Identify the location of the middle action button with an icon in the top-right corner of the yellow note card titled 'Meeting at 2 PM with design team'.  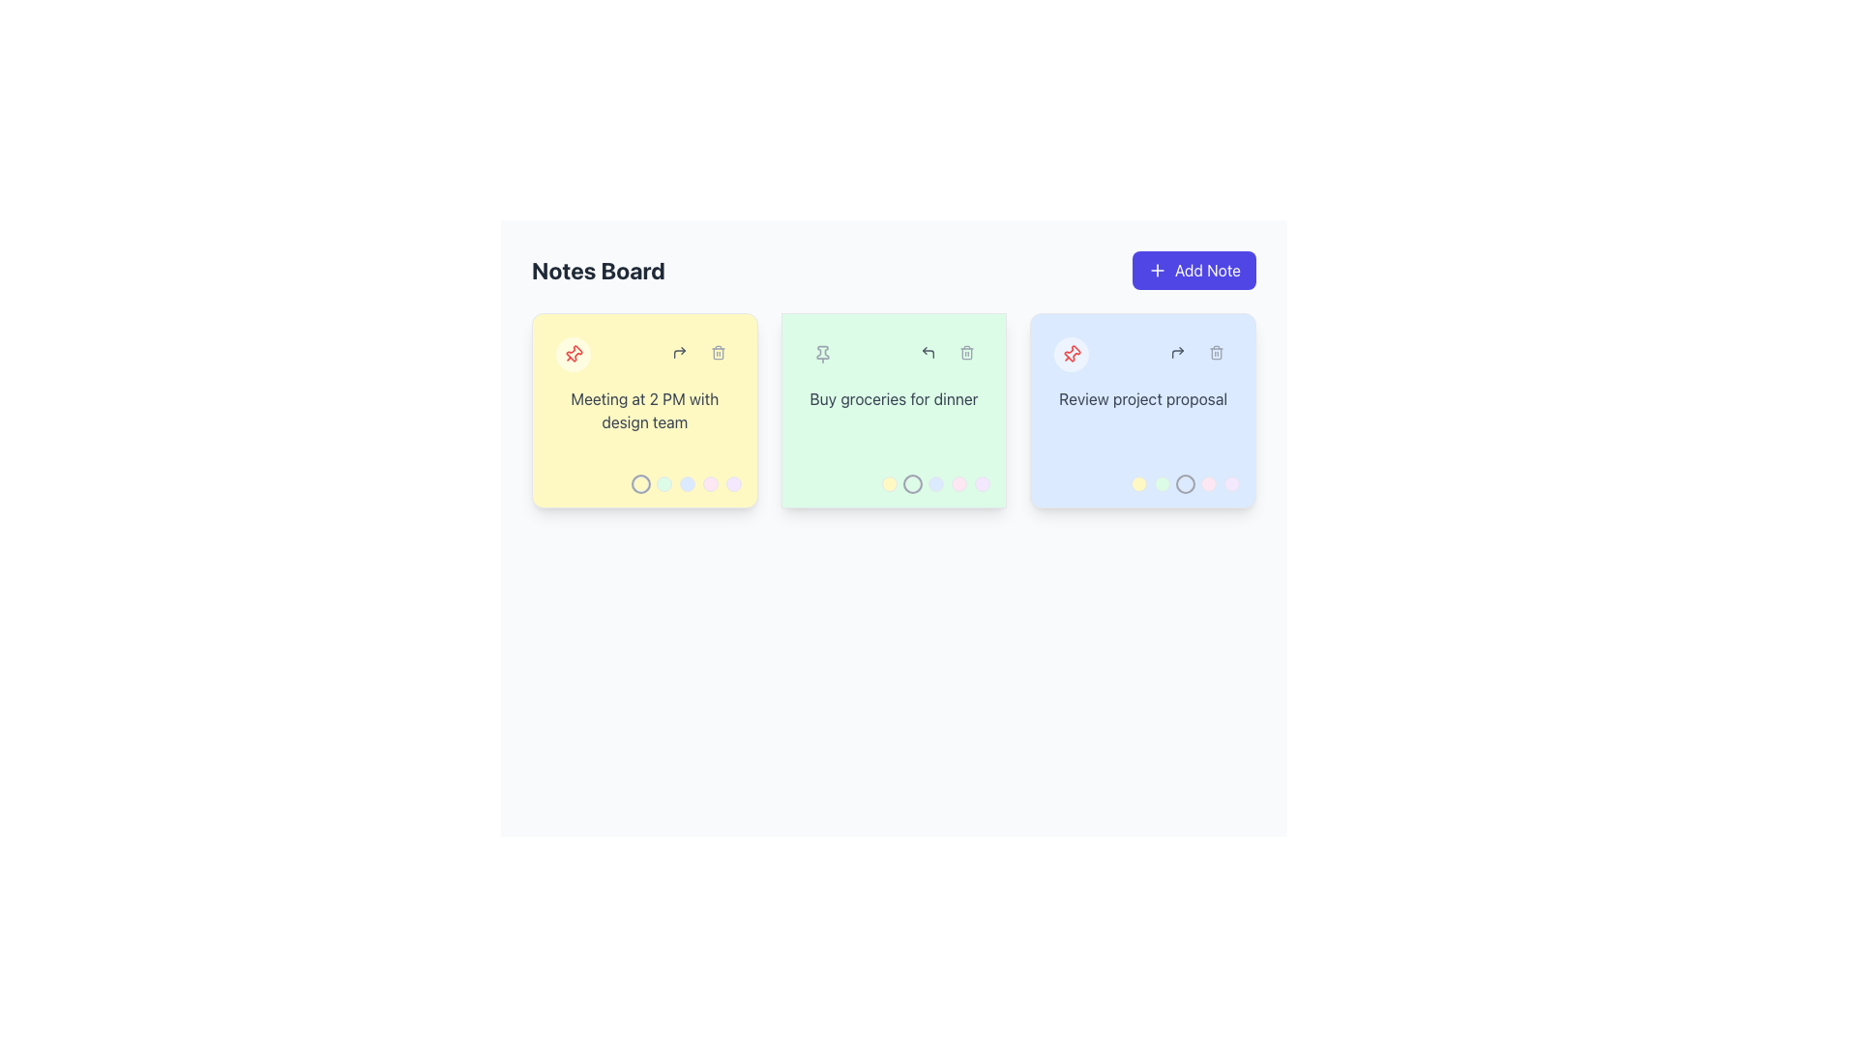
(679, 353).